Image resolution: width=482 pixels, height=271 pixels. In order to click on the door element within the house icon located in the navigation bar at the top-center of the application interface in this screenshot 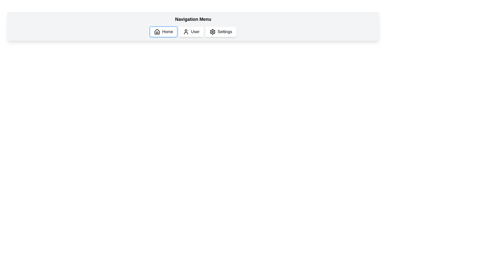, I will do `click(157, 33)`.